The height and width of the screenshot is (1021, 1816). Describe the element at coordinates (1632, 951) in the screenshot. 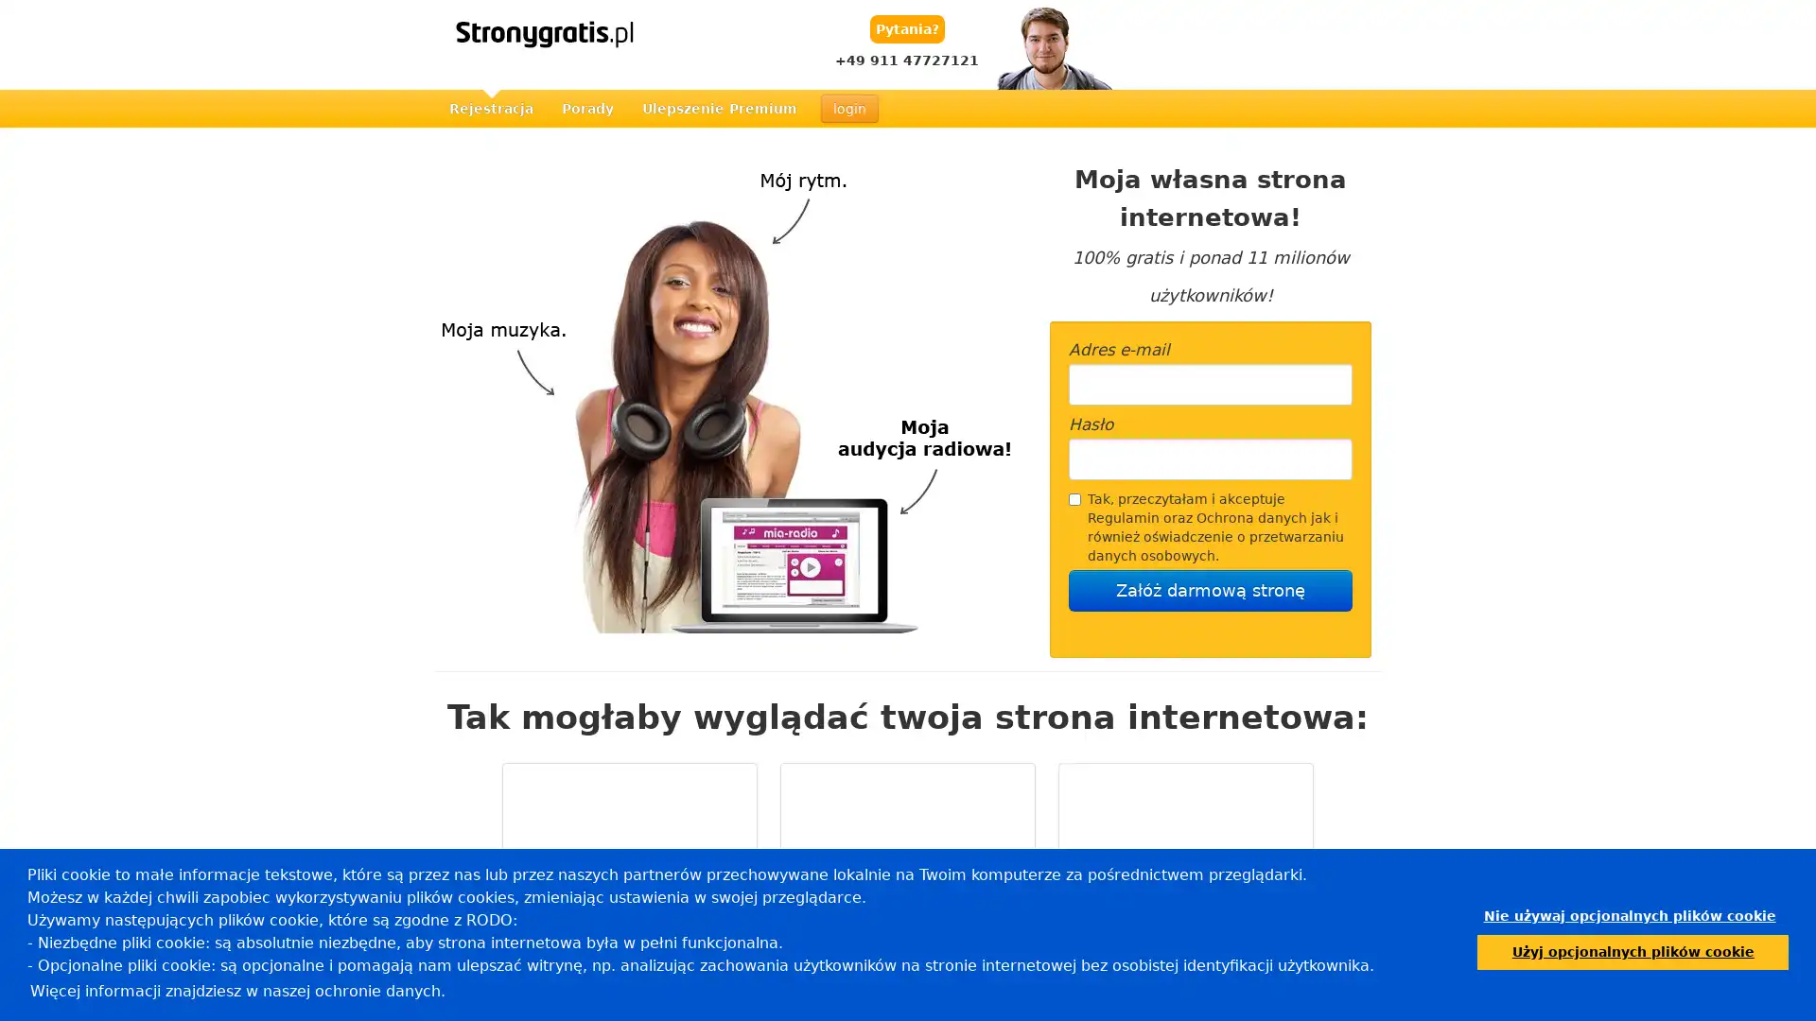

I see `allow cookies` at that location.